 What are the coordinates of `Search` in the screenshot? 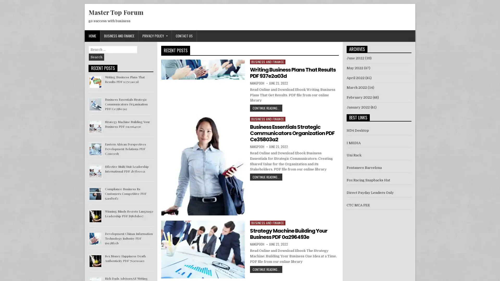 It's located at (96, 57).